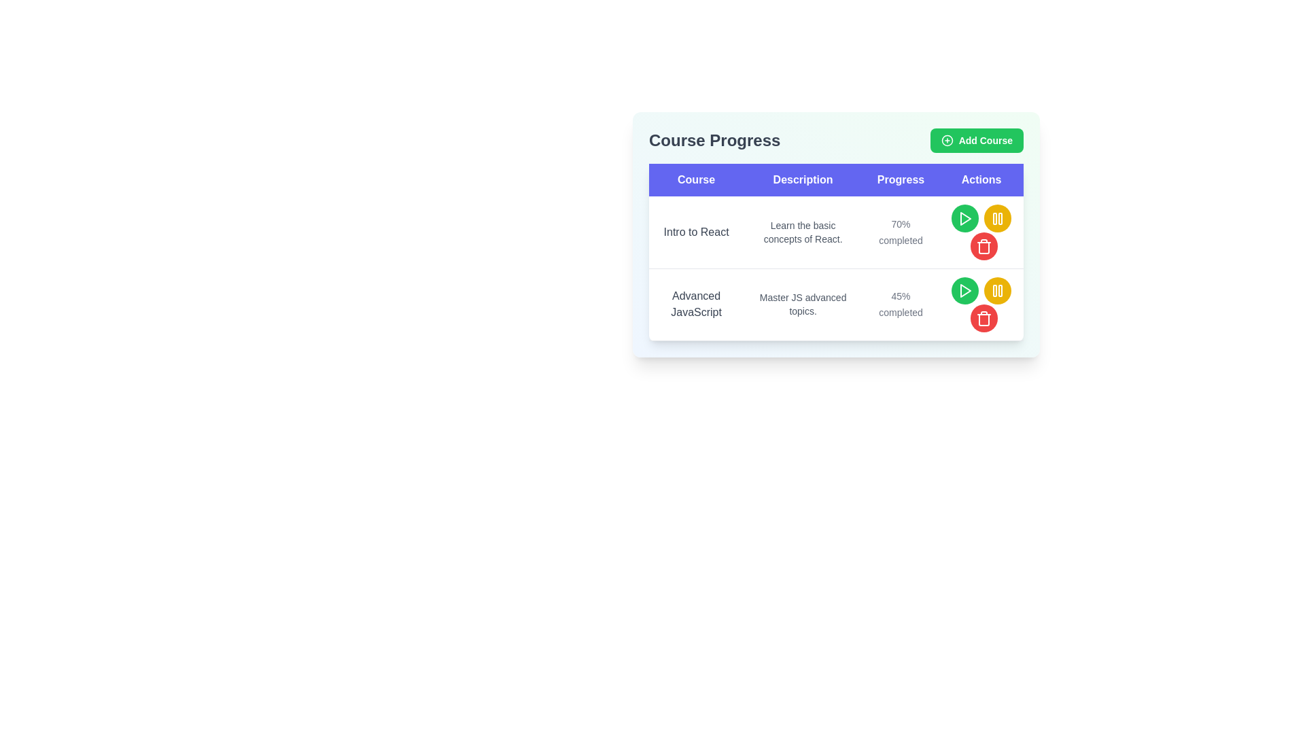 The image size is (1305, 734). I want to click on the first circular button in the 'Actions' column of the second row, so click(964, 290).